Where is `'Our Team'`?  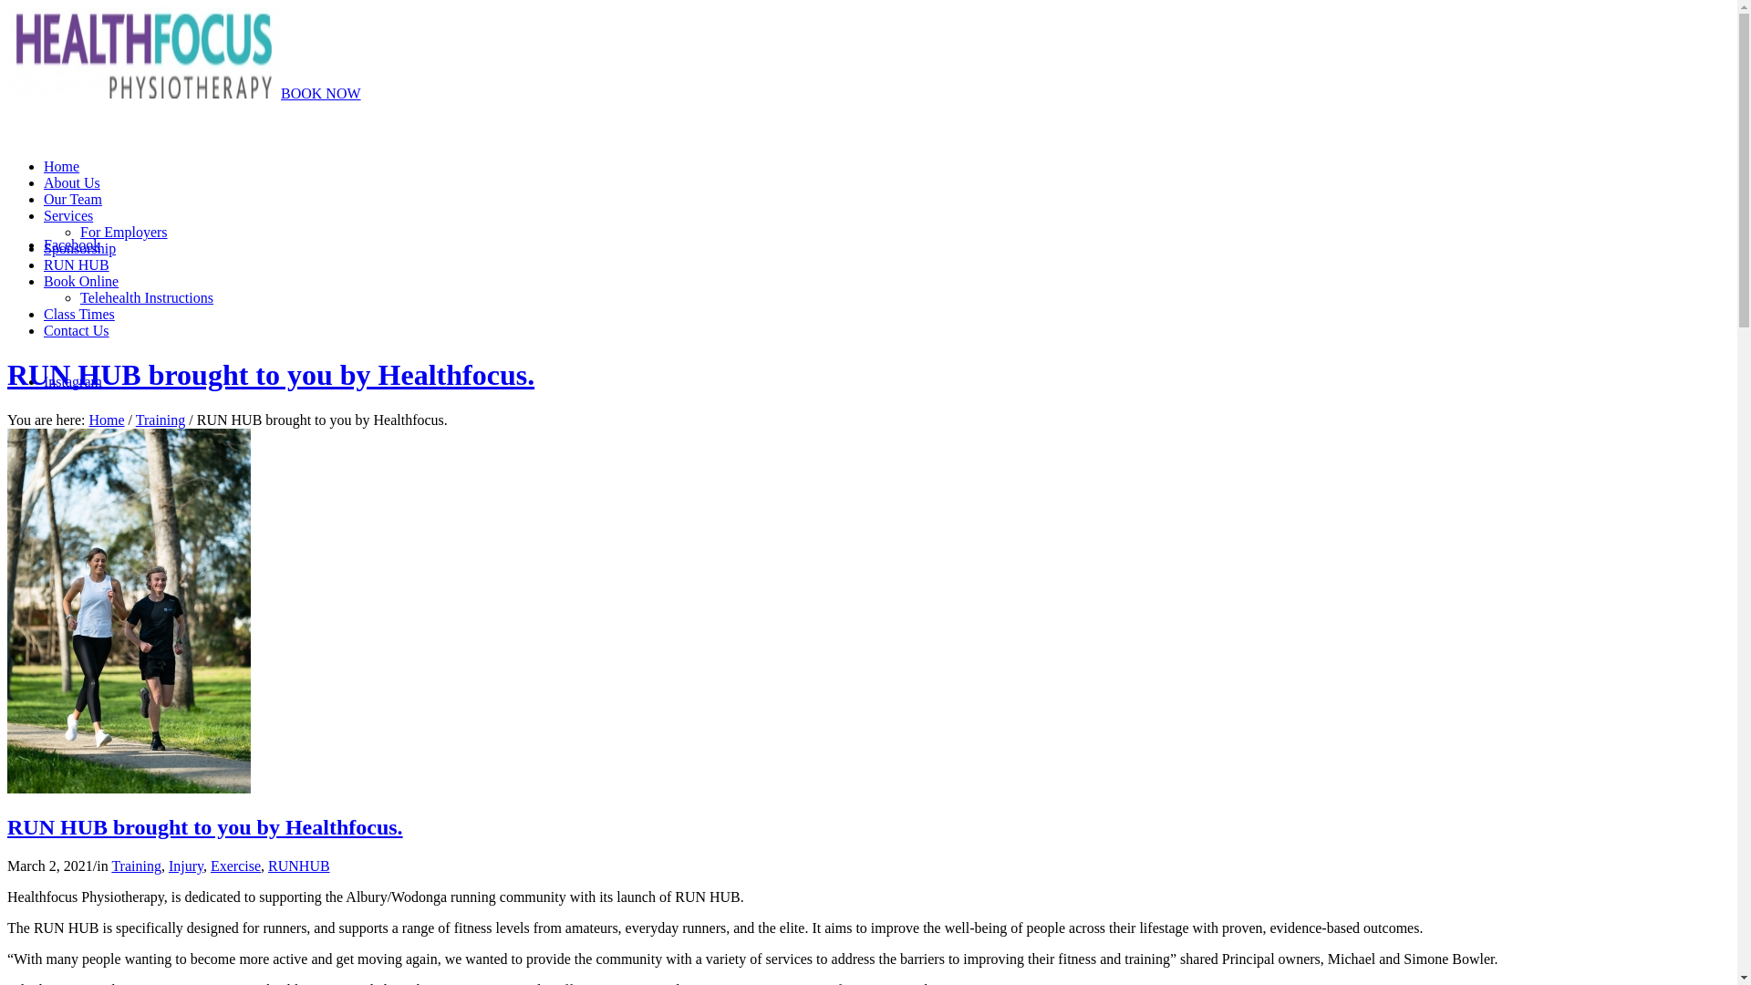
'Our Team' is located at coordinates (73, 199).